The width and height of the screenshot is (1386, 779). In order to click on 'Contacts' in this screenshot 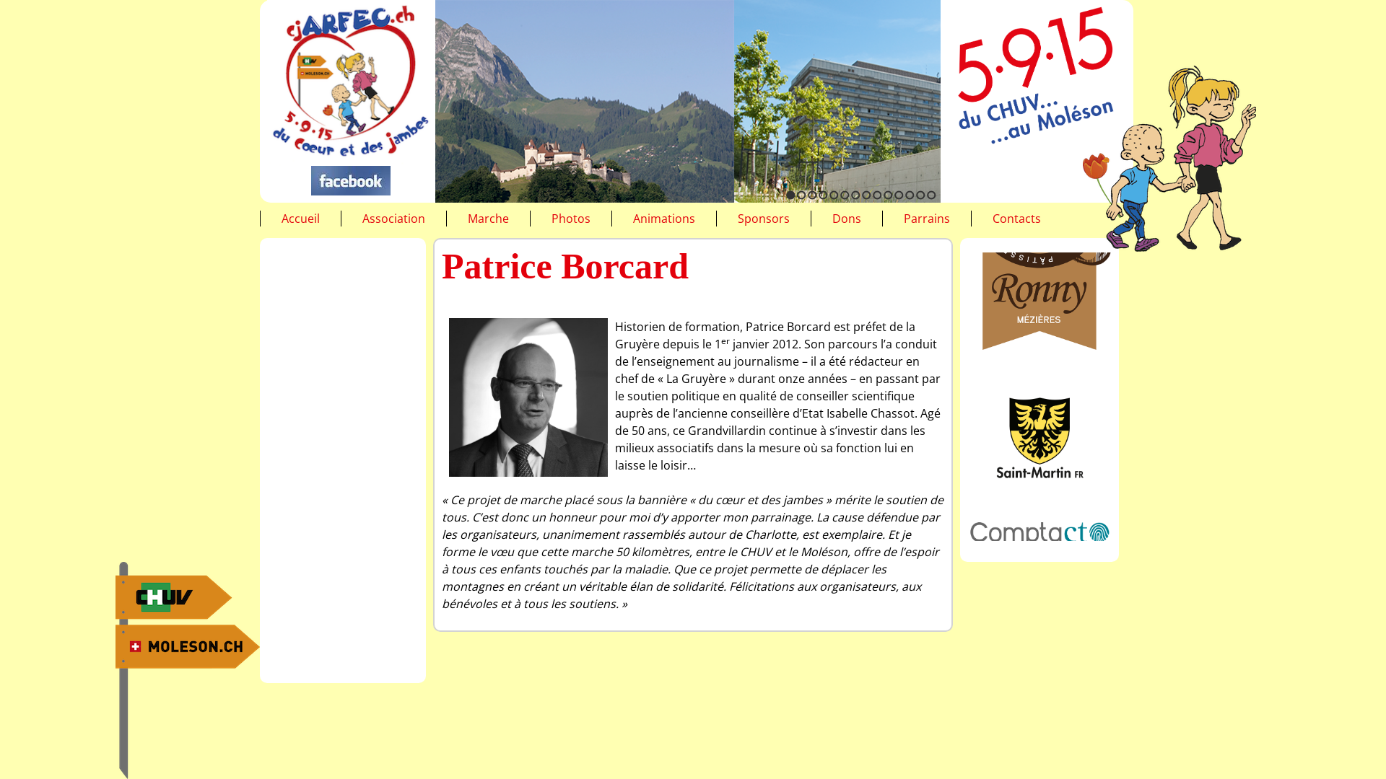, I will do `click(1016, 219)`.